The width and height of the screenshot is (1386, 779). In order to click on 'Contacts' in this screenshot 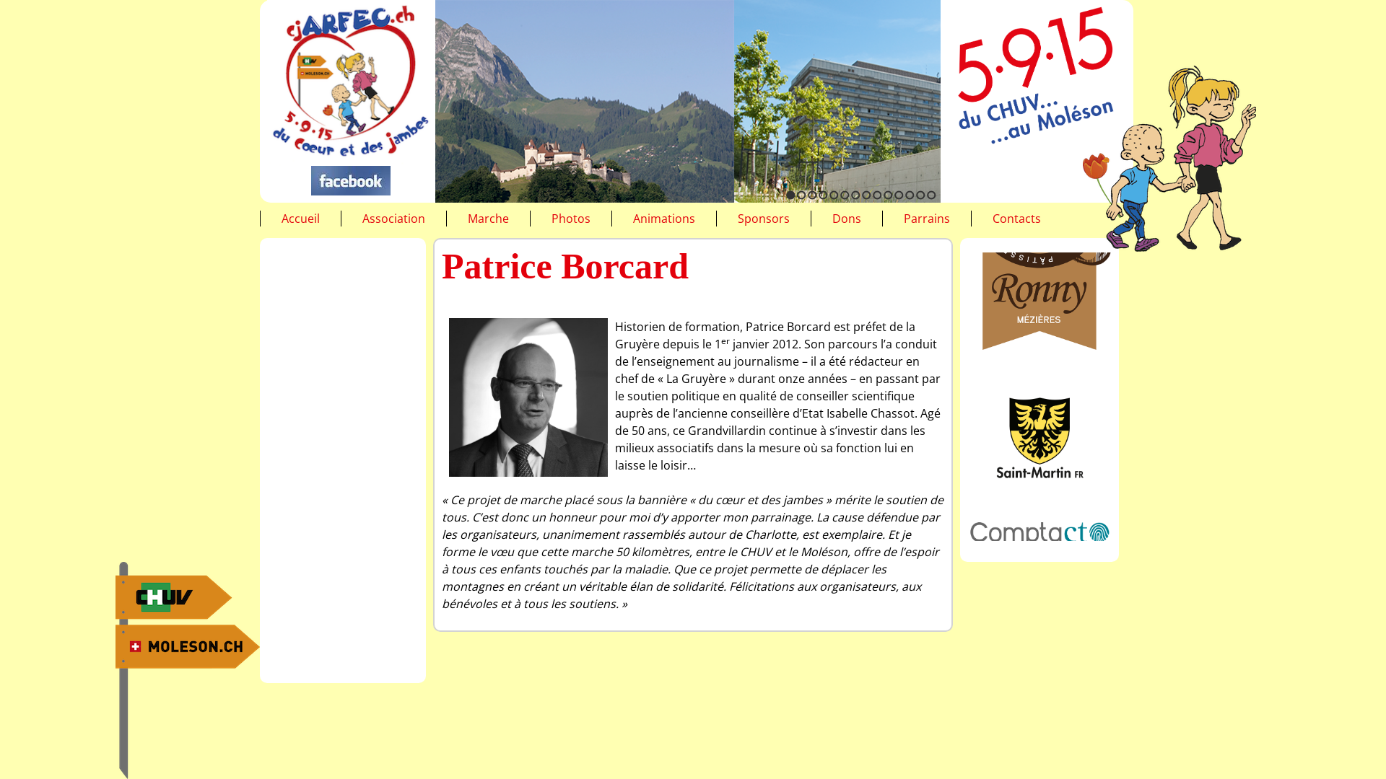, I will do `click(1016, 219)`.